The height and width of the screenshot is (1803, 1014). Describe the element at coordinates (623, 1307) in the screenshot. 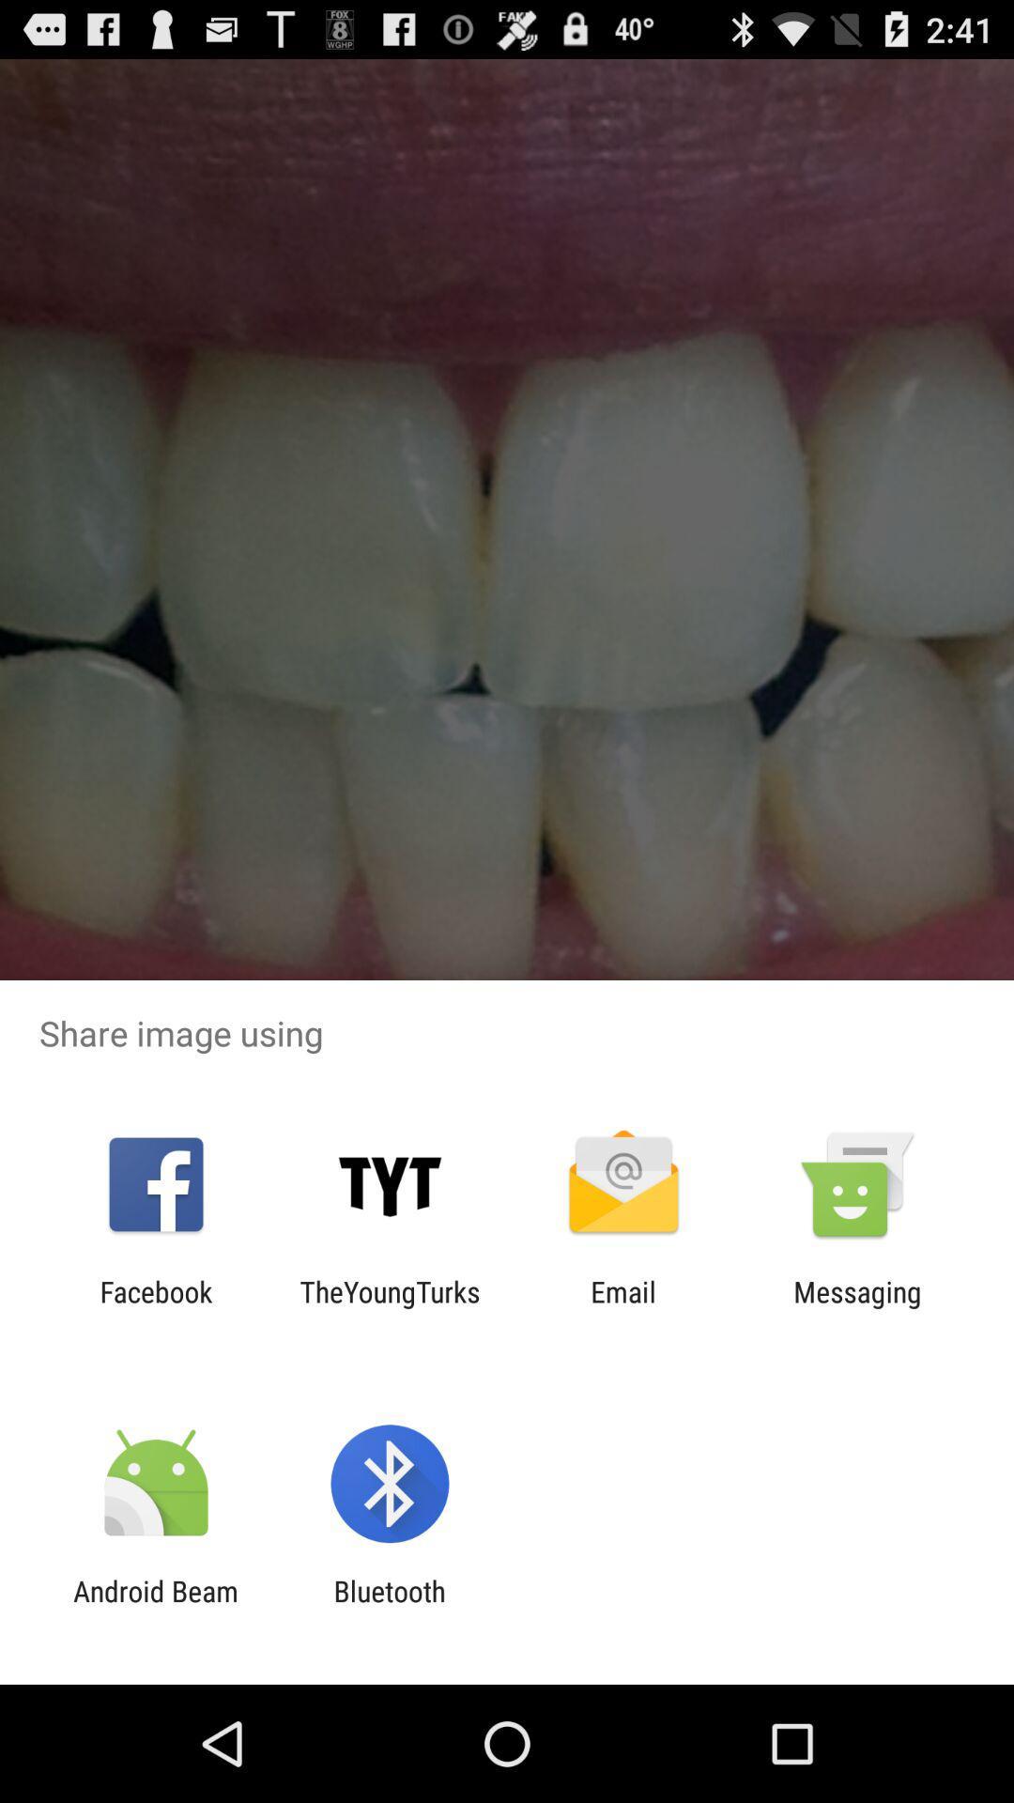

I see `app to the right of theyoungturks app` at that location.